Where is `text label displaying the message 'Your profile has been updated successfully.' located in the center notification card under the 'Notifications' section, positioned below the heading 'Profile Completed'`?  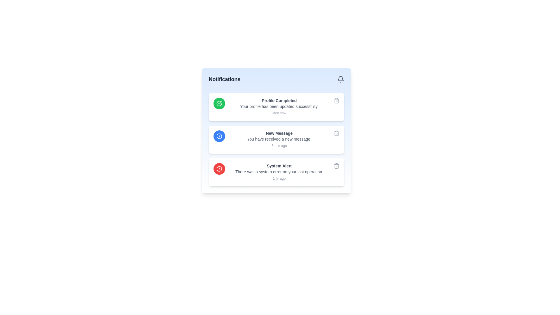 text label displaying the message 'Your profile has been updated successfully.' located in the center notification card under the 'Notifications' section, positioned below the heading 'Profile Completed' is located at coordinates (279, 106).